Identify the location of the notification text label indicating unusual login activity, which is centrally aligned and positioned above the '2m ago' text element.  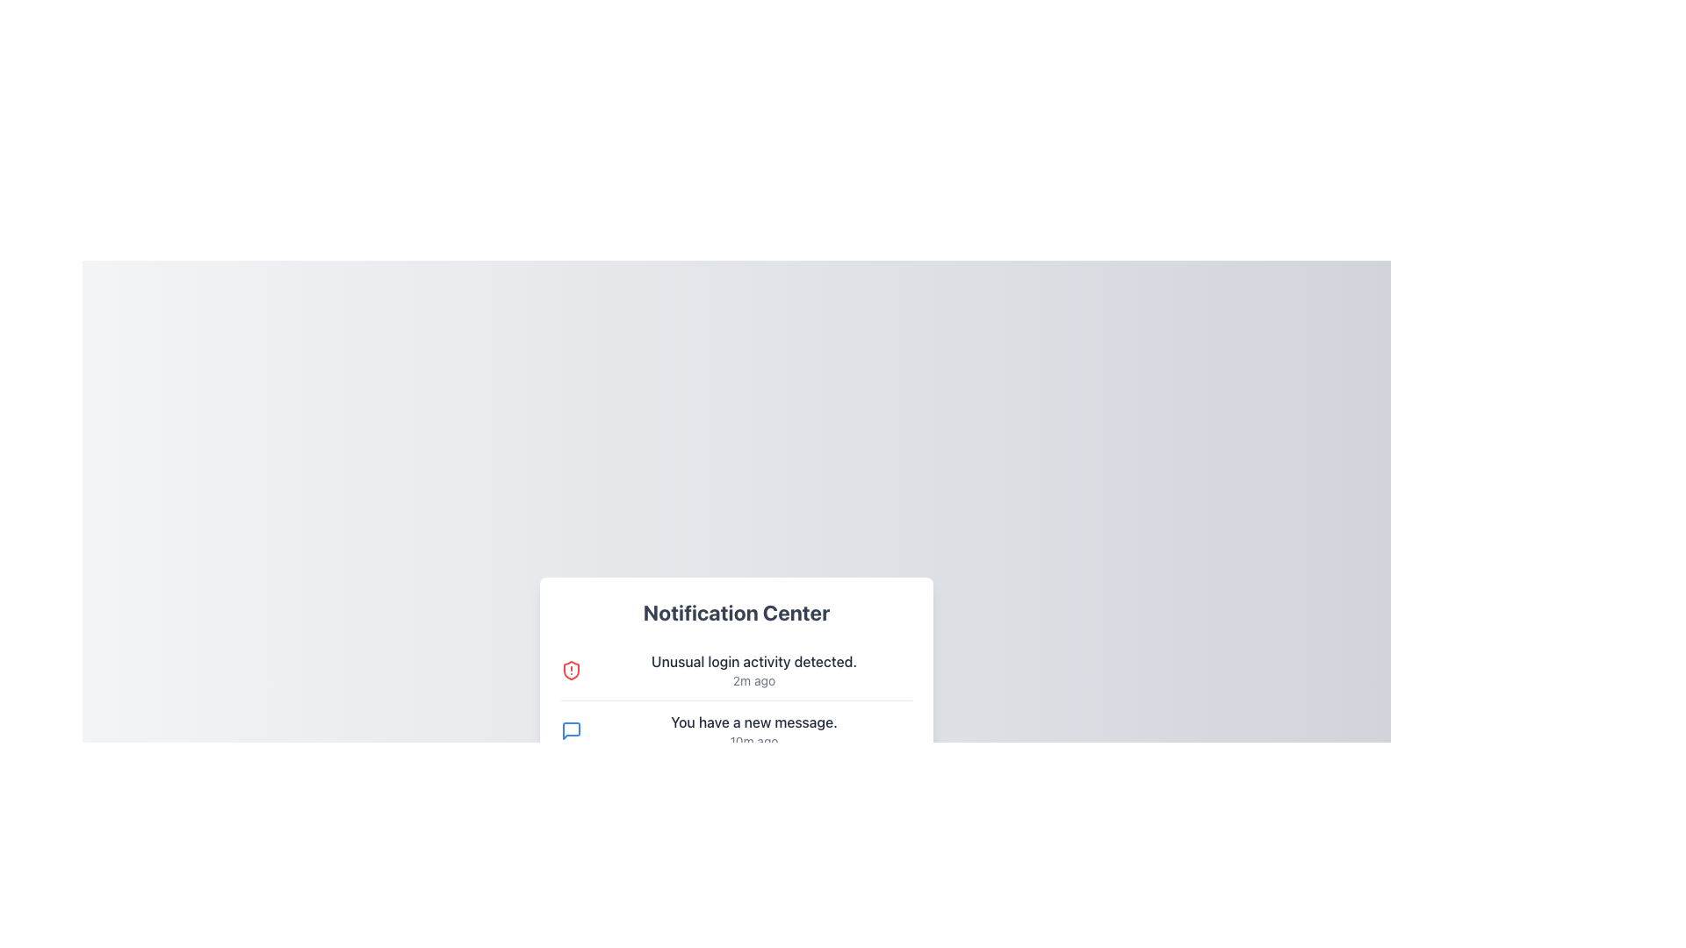
(754, 661).